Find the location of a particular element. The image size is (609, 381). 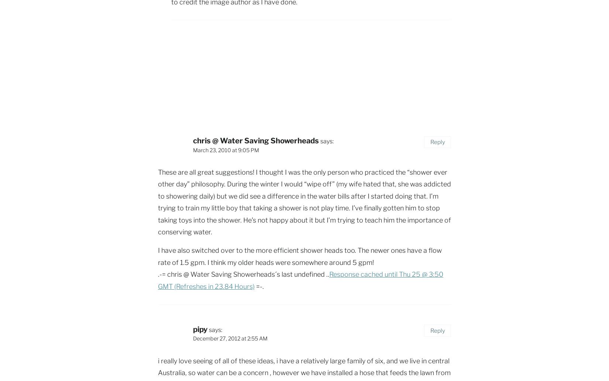

'.-= chris @ Water Saving Showerheads´s last undefined ..' is located at coordinates (243, 274).